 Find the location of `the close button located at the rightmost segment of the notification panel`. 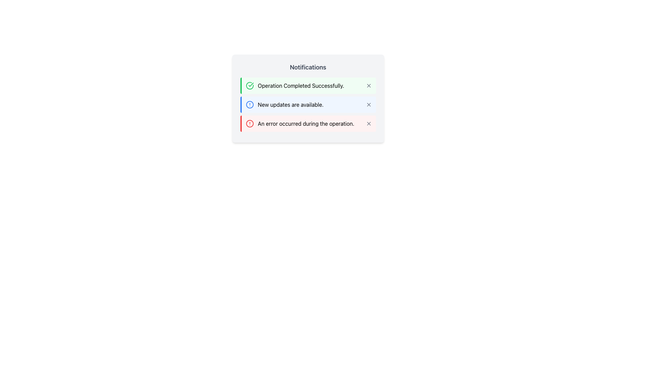

the close button located at the rightmost segment of the notification panel is located at coordinates (368, 104).